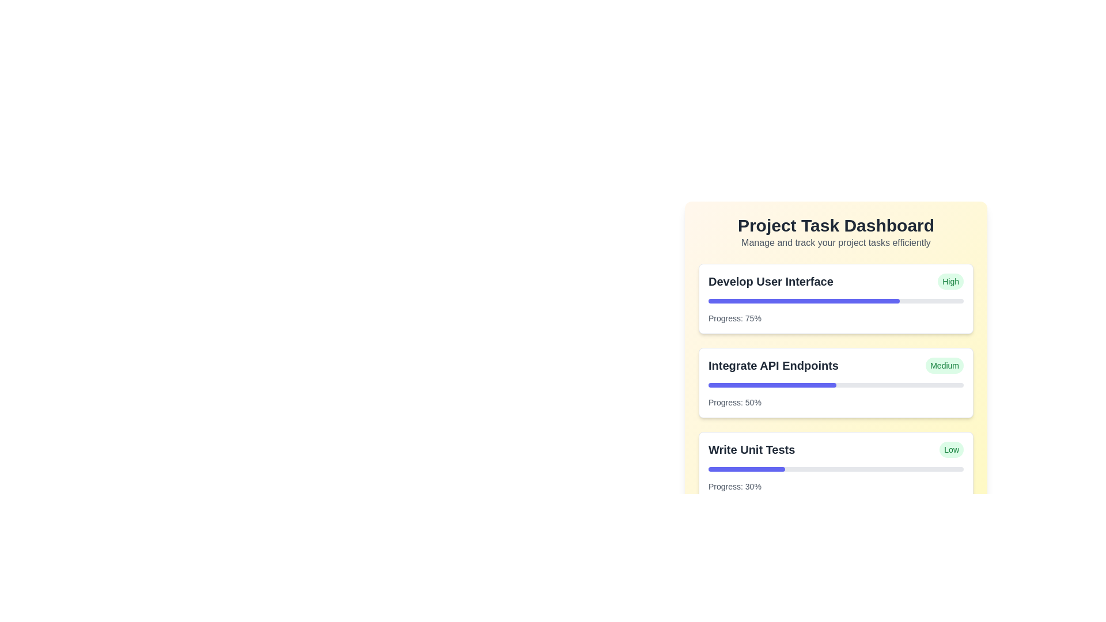 Image resolution: width=1106 pixels, height=622 pixels. Describe the element at coordinates (836, 466) in the screenshot. I see `the progress bar of the Task Card titled 'Write Unit Tests', which is the third entry in the vertically stacked list of task cards` at that location.